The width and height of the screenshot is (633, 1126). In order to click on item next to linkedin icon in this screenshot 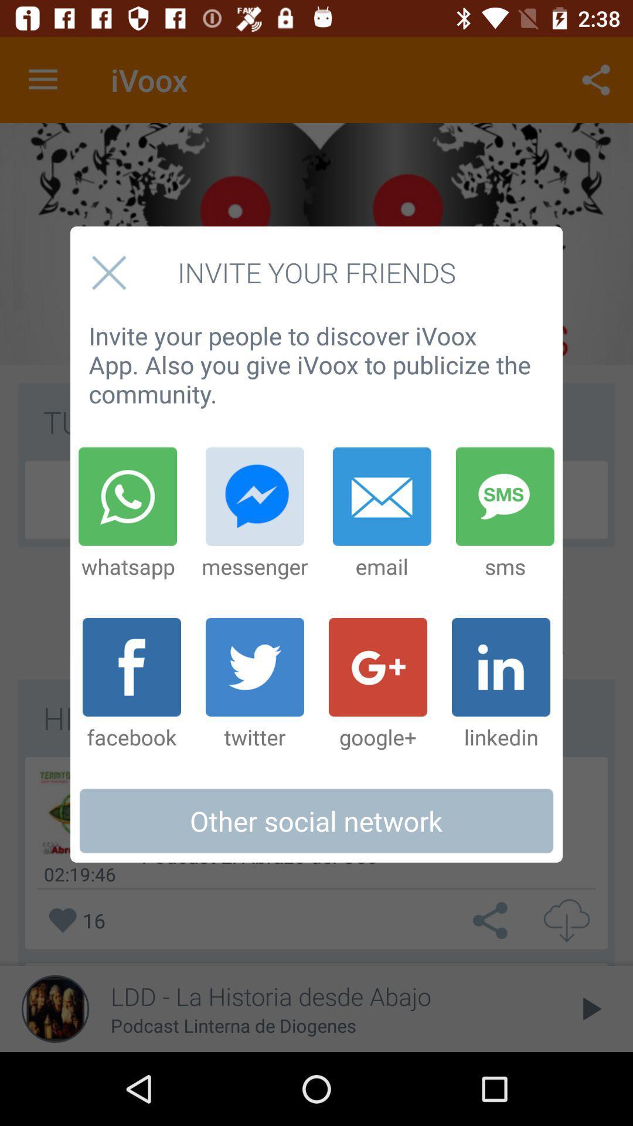, I will do `click(377, 684)`.